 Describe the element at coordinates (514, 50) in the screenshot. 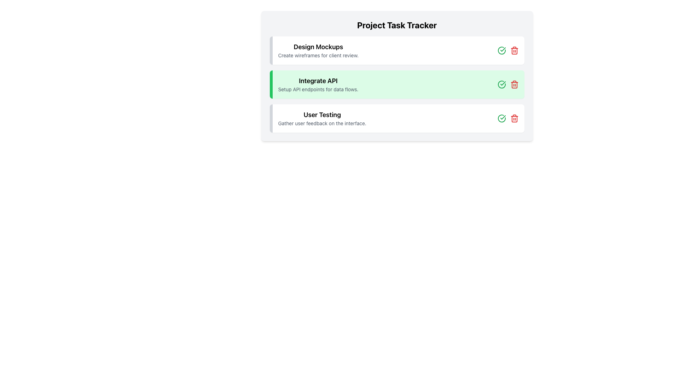

I see `the red trash bin icon button located at the far right of the second task in the task list` at that location.